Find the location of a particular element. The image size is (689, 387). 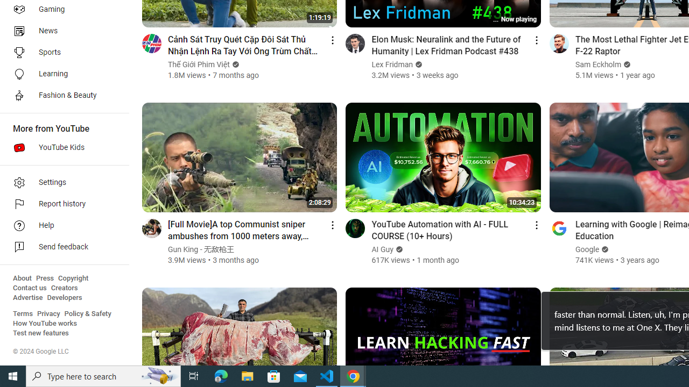

'Report history' is located at coordinates (60, 204).